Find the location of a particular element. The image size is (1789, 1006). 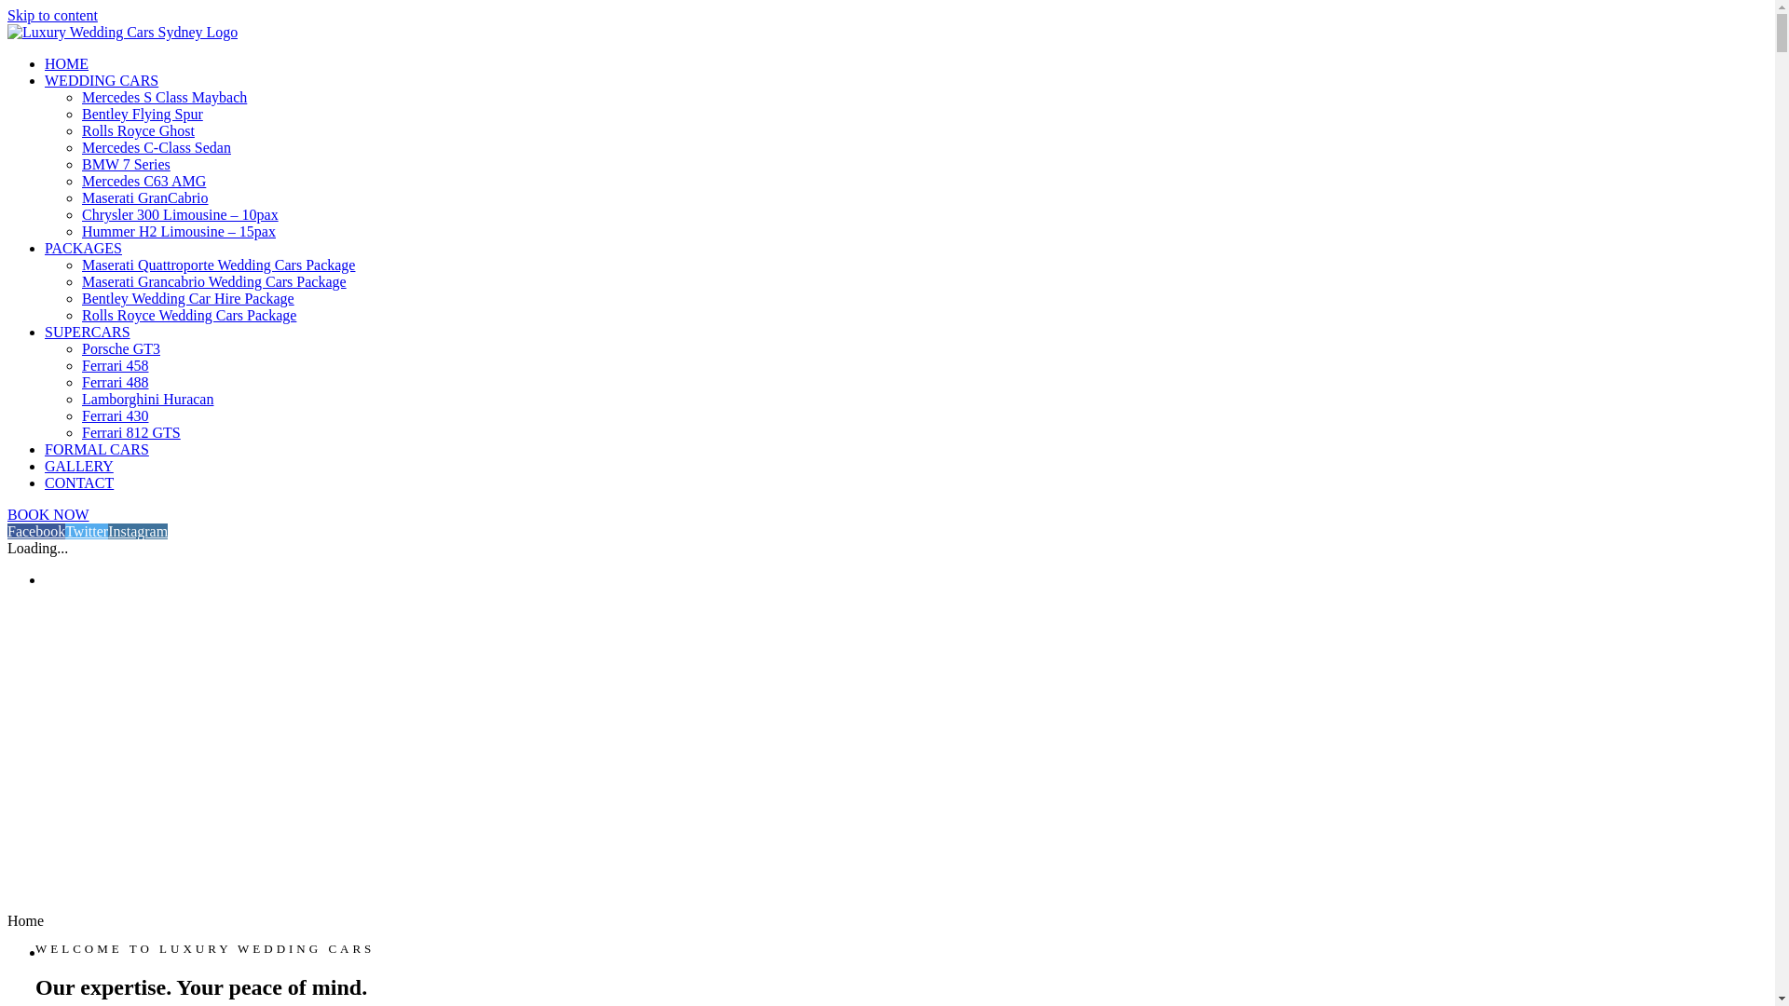

'CONTACT' is located at coordinates (78, 482).